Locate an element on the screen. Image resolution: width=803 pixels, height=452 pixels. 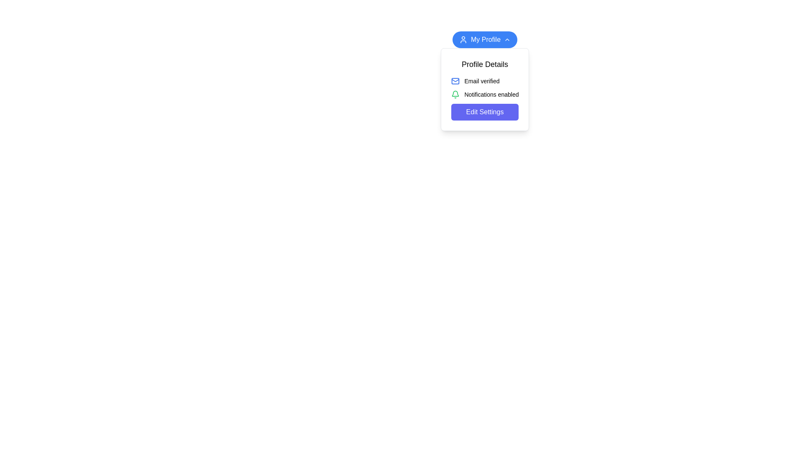
the 'Email verified' text element which has a blue envelope icon to its left, positioned at the center of the interface above 'Notifications enabled' is located at coordinates (485, 81).